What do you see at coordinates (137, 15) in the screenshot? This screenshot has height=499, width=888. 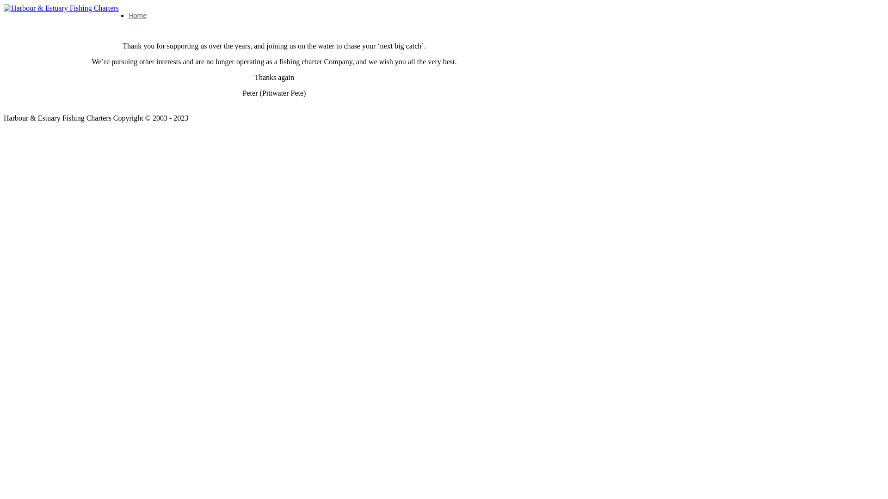 I see `'Home'` at bounding box center [137, 15].